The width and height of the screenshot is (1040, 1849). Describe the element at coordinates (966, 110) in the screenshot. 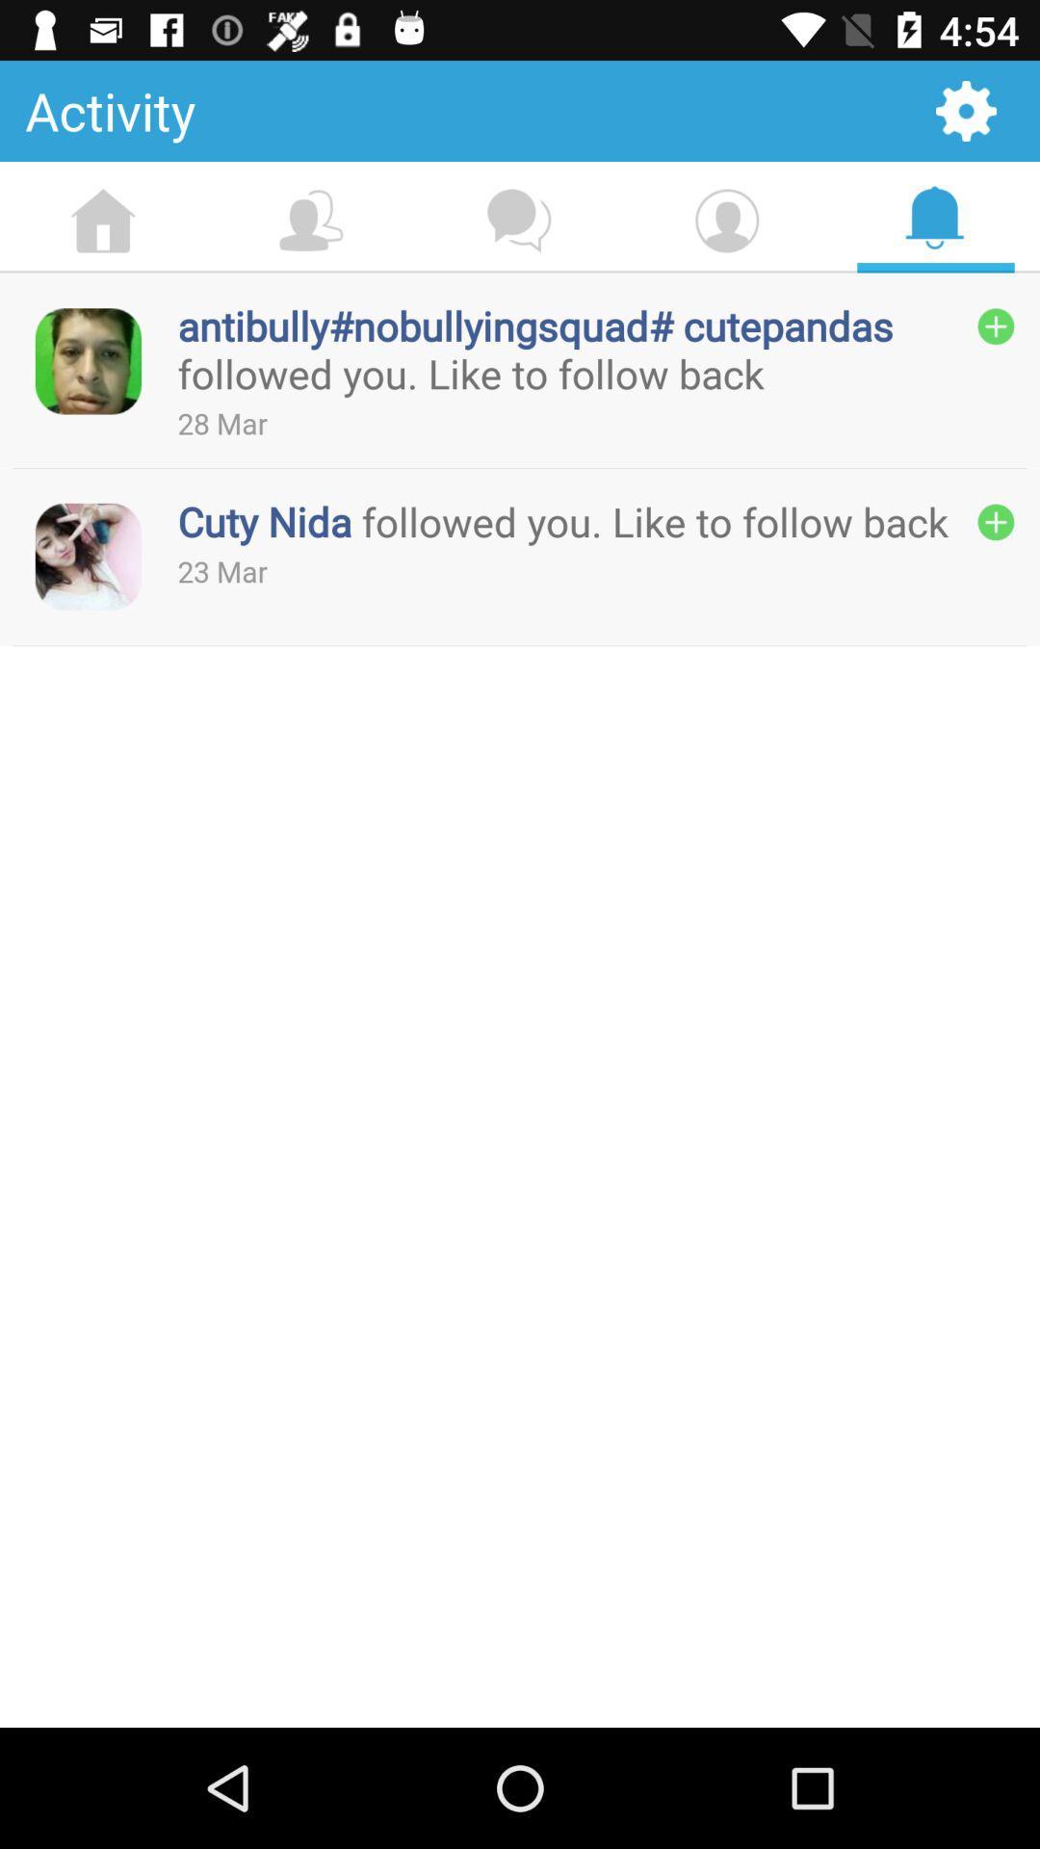

I see `the item next to the activity item` at that location.